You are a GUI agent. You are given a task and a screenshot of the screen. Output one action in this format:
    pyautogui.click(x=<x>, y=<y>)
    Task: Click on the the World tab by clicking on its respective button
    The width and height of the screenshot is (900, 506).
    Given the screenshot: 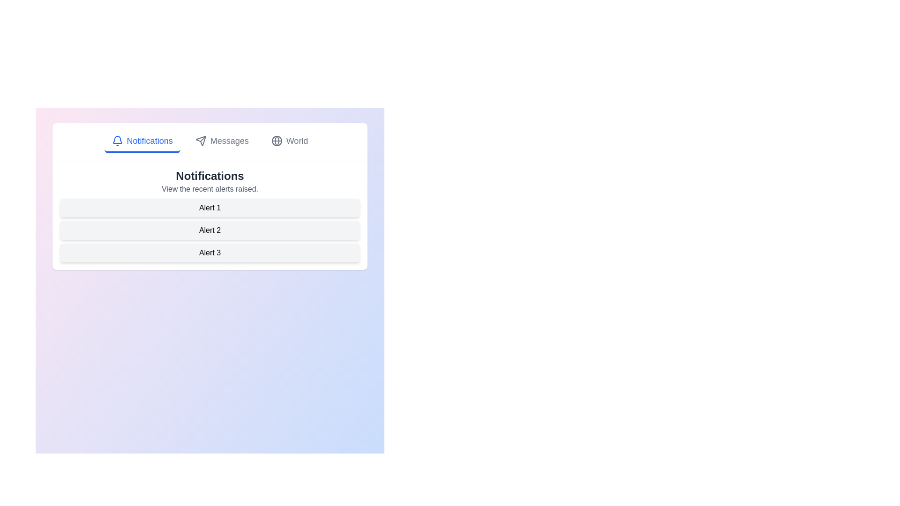 What is the action you would take?
    pyautogui.click(x=289, y=142)
    